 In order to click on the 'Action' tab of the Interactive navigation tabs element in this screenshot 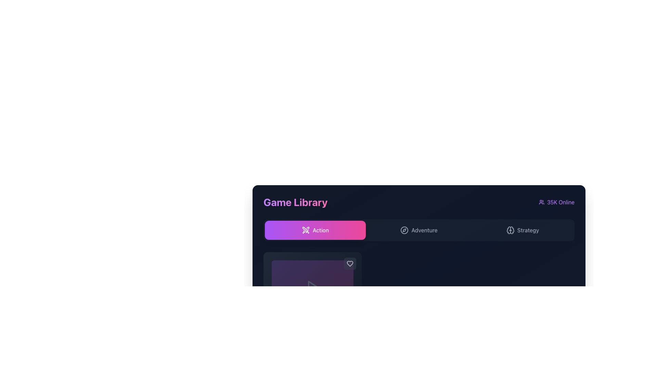, I will do `click(418, 230)`.